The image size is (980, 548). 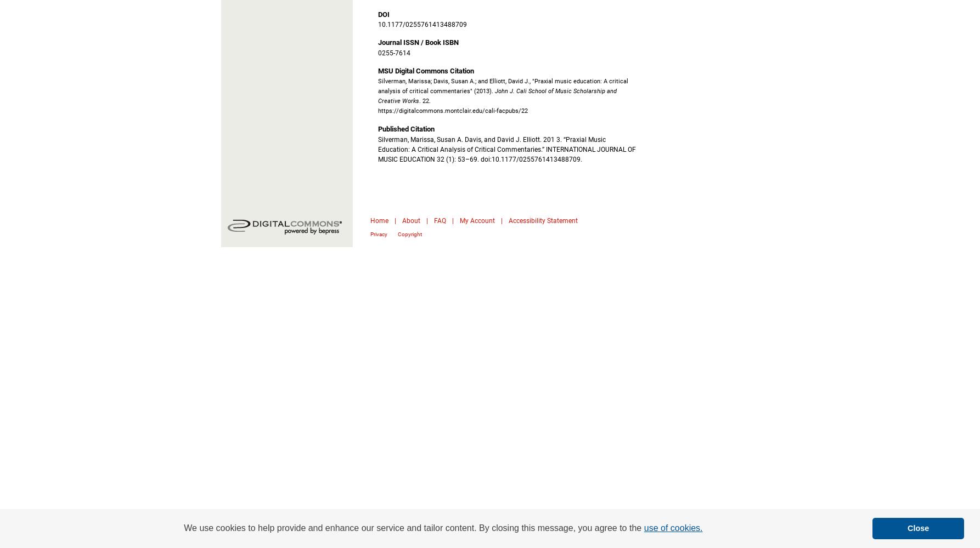 What do you see at coordinates (424, 100) in the screenshot?
I see `'.  22.'` at bounding box center [424, 100].